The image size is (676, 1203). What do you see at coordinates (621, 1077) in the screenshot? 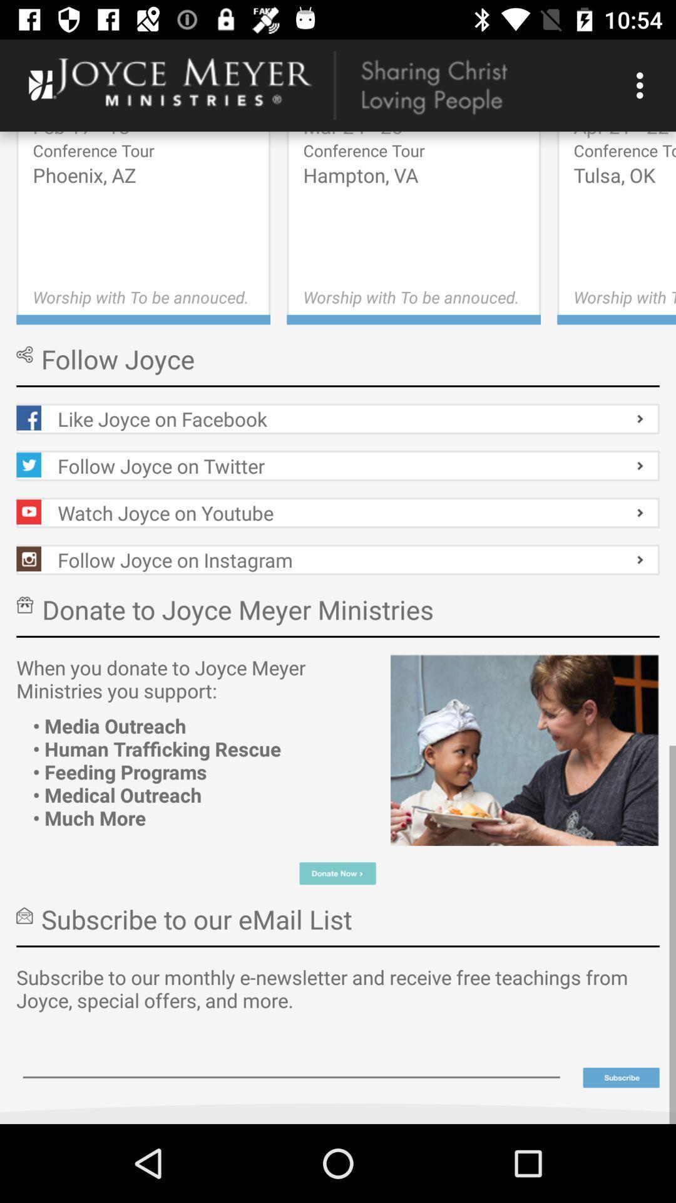
I see `subscribe to email list` at bounding box center [621, 1077].